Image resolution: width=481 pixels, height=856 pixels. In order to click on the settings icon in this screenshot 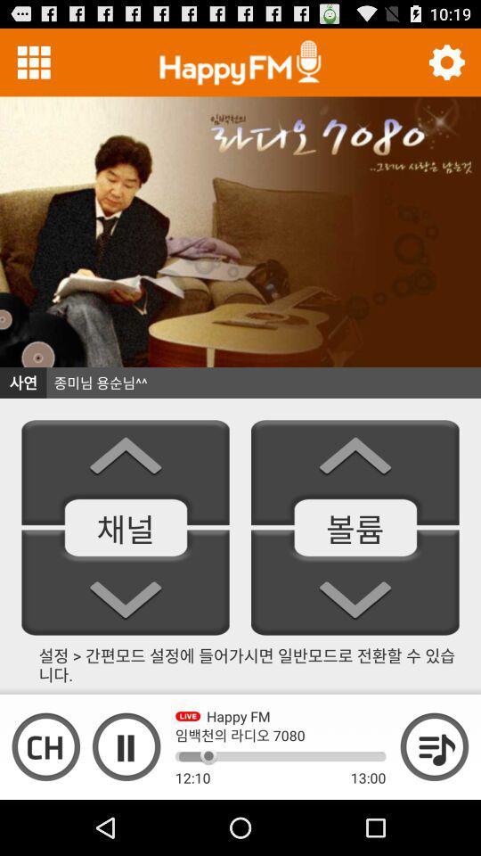, I will do `click(445, 66)`.